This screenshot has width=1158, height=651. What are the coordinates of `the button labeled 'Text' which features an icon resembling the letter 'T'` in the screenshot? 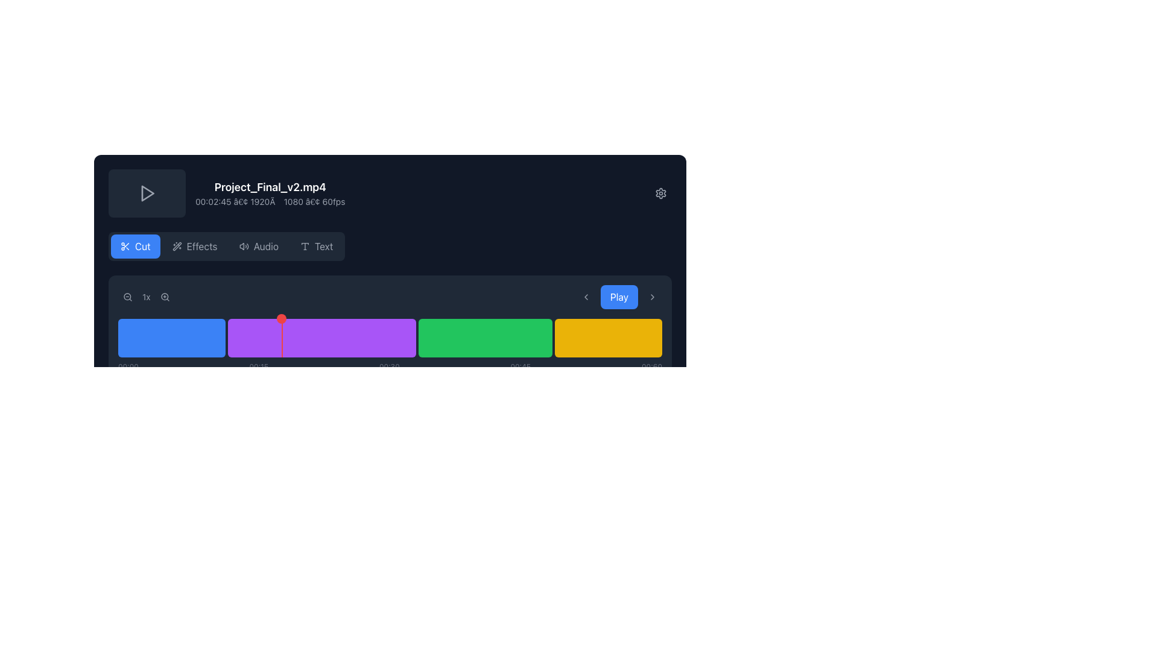 It's located at (317, 245).